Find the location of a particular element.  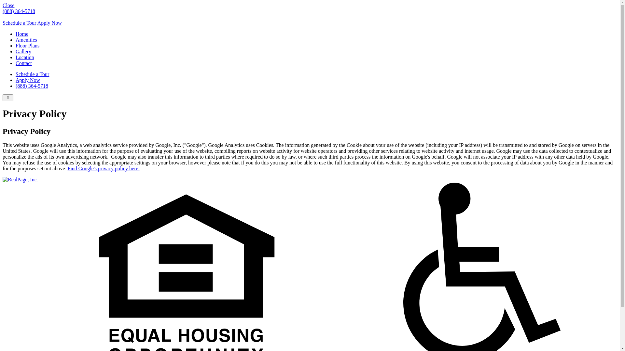

'(888) 364-5718' is located at coordinates (31, 85).